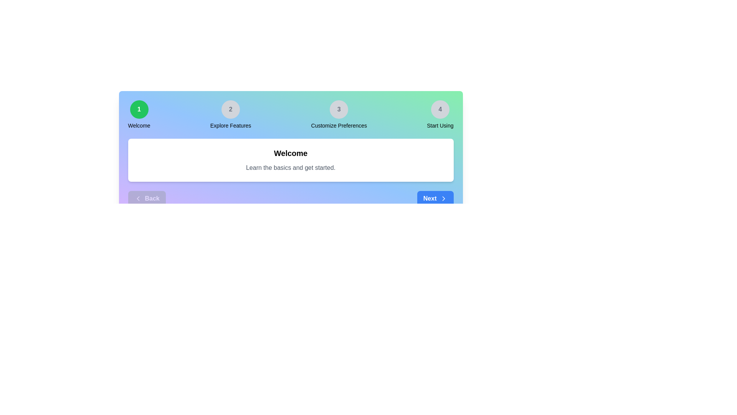 The image size is (737, 415). What do you see at coordinates (339, 110) in the screenshot?
I see `the progress indicator for step 3 to navigate to that step` at bounding box center [339, 110].